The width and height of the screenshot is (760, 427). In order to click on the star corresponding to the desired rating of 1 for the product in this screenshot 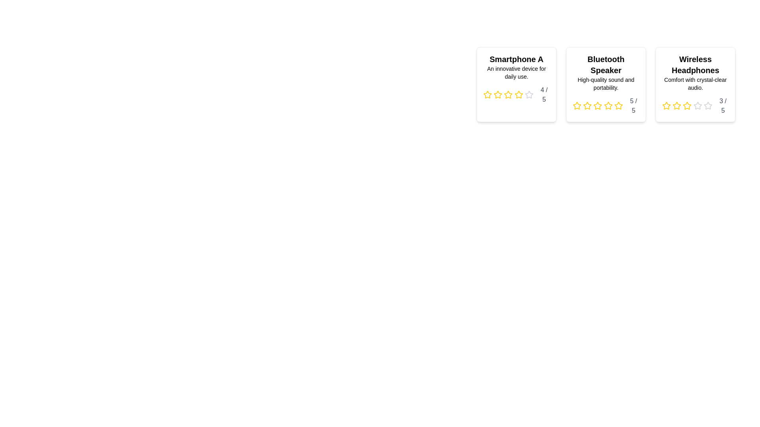, I will do `click(487, 94)`.